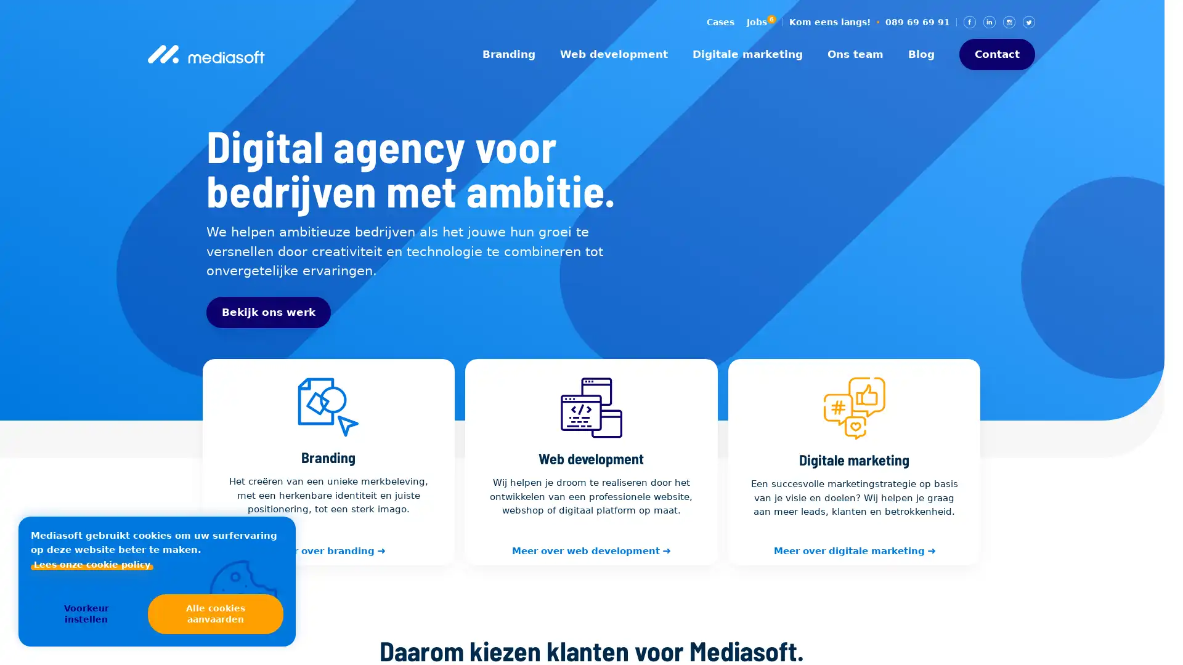  I want to click on Voorkeur instellen, so click(85, 614).